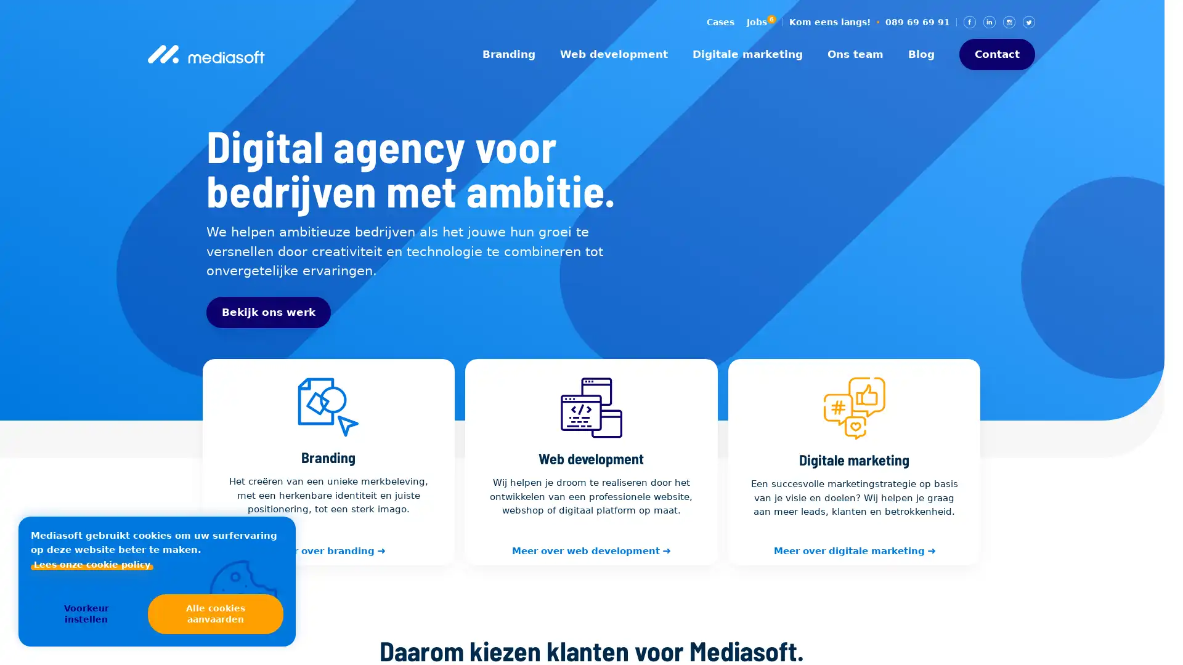  I want to click on Voorkeur instellen, so click(85, 614).